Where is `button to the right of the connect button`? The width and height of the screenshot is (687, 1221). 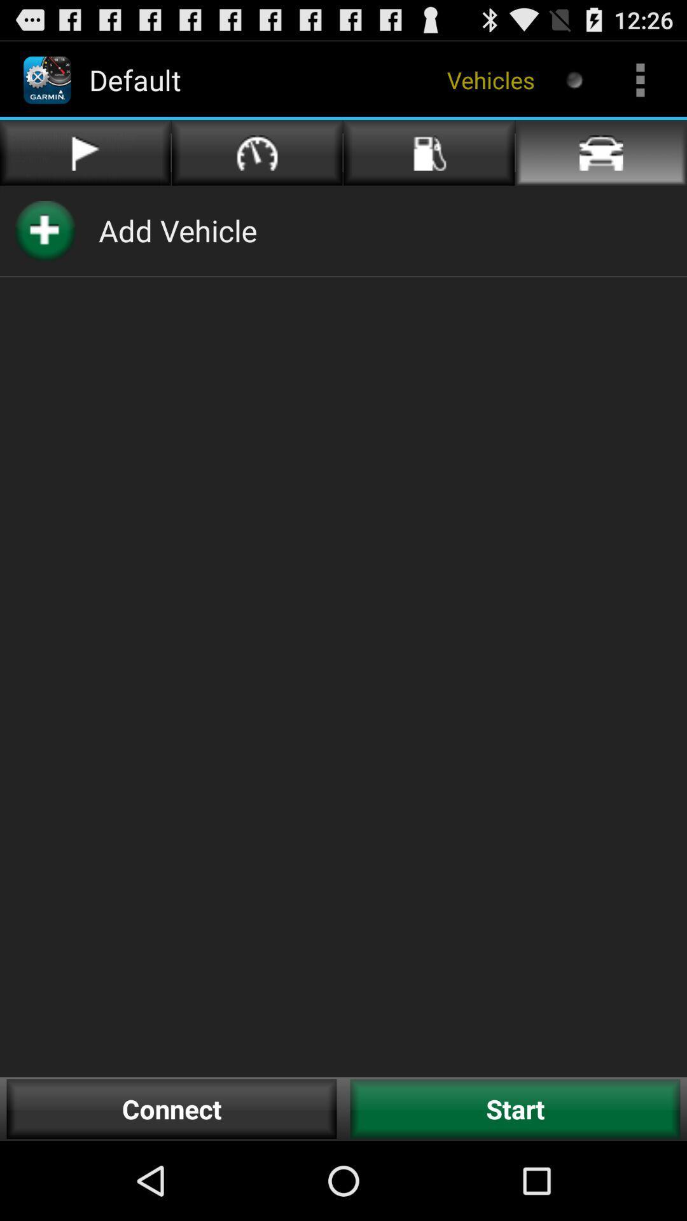
button to the right of the connect button is located at coordinates (515, 1108).